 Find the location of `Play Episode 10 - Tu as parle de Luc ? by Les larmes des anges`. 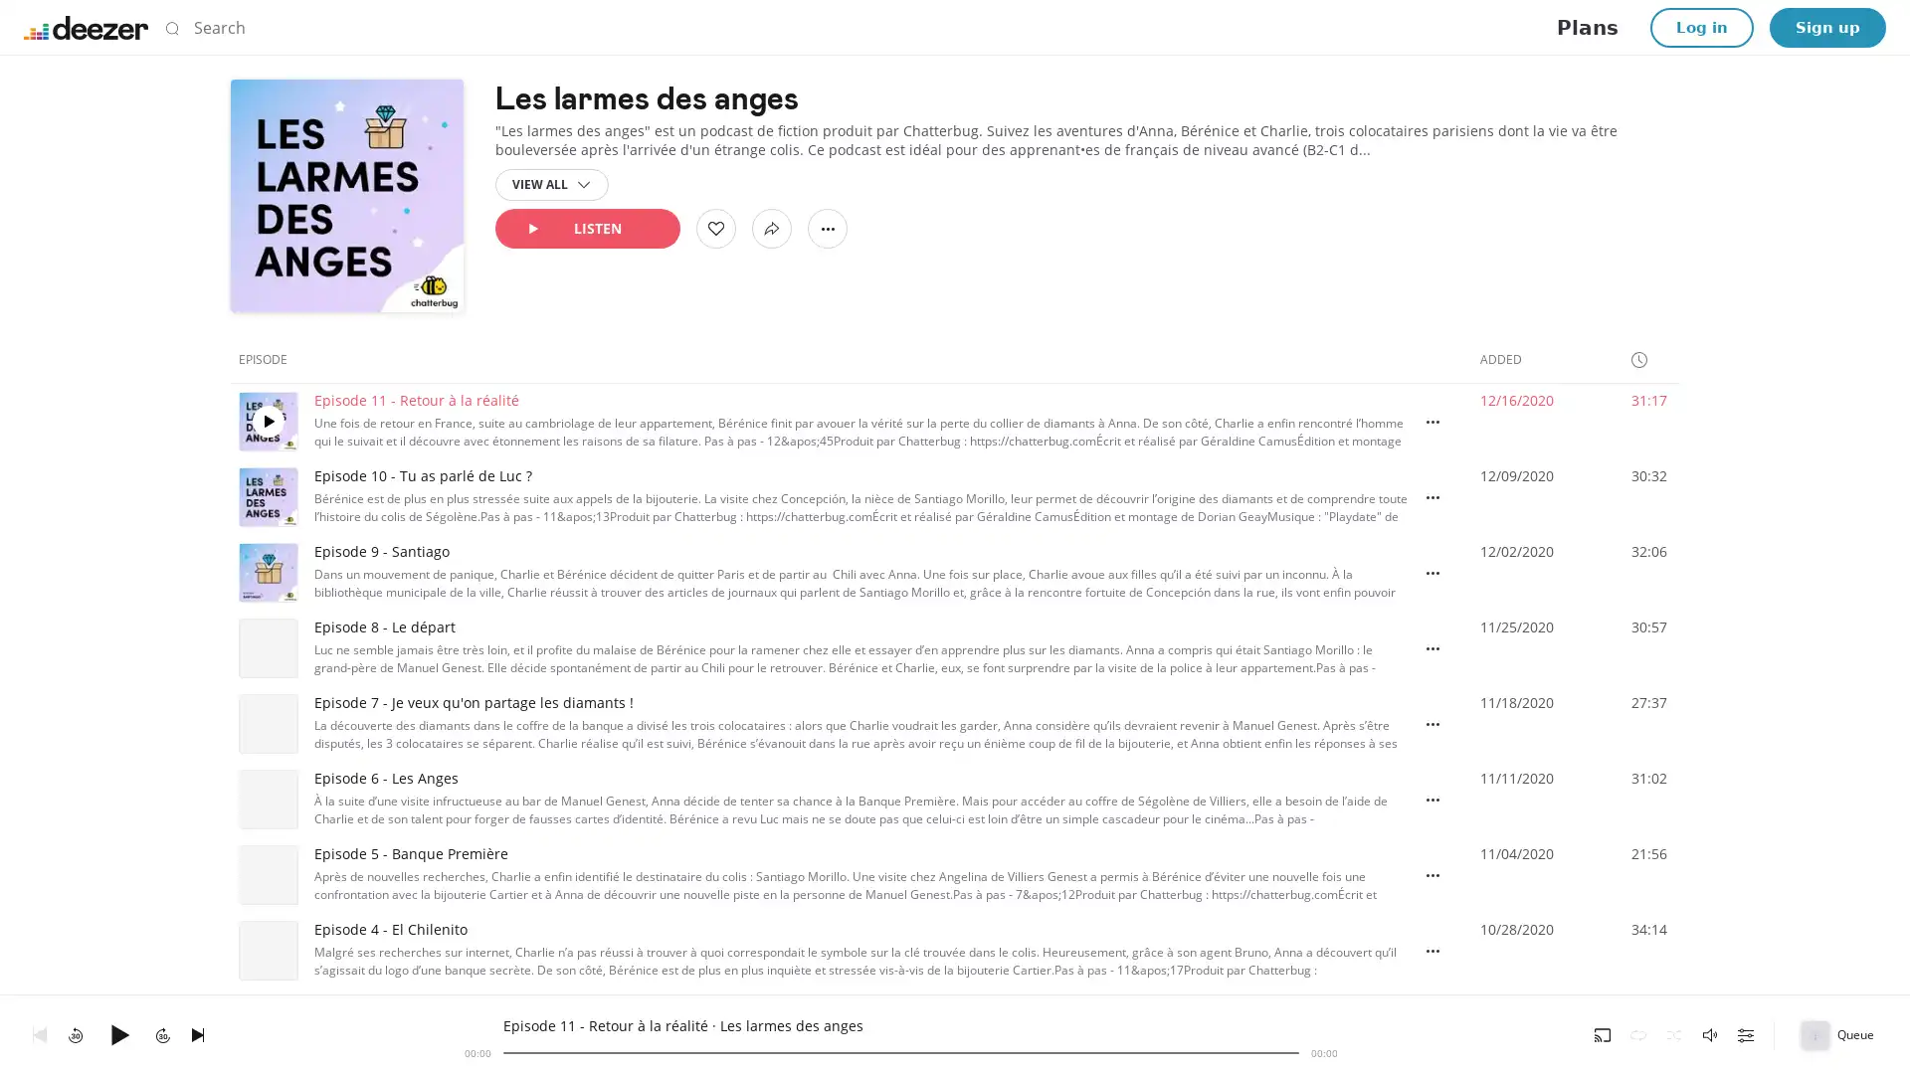

Play Episode 10 - Tu as parle de Luc ? by Les larmes des anges is located at coordinates (267, 496).